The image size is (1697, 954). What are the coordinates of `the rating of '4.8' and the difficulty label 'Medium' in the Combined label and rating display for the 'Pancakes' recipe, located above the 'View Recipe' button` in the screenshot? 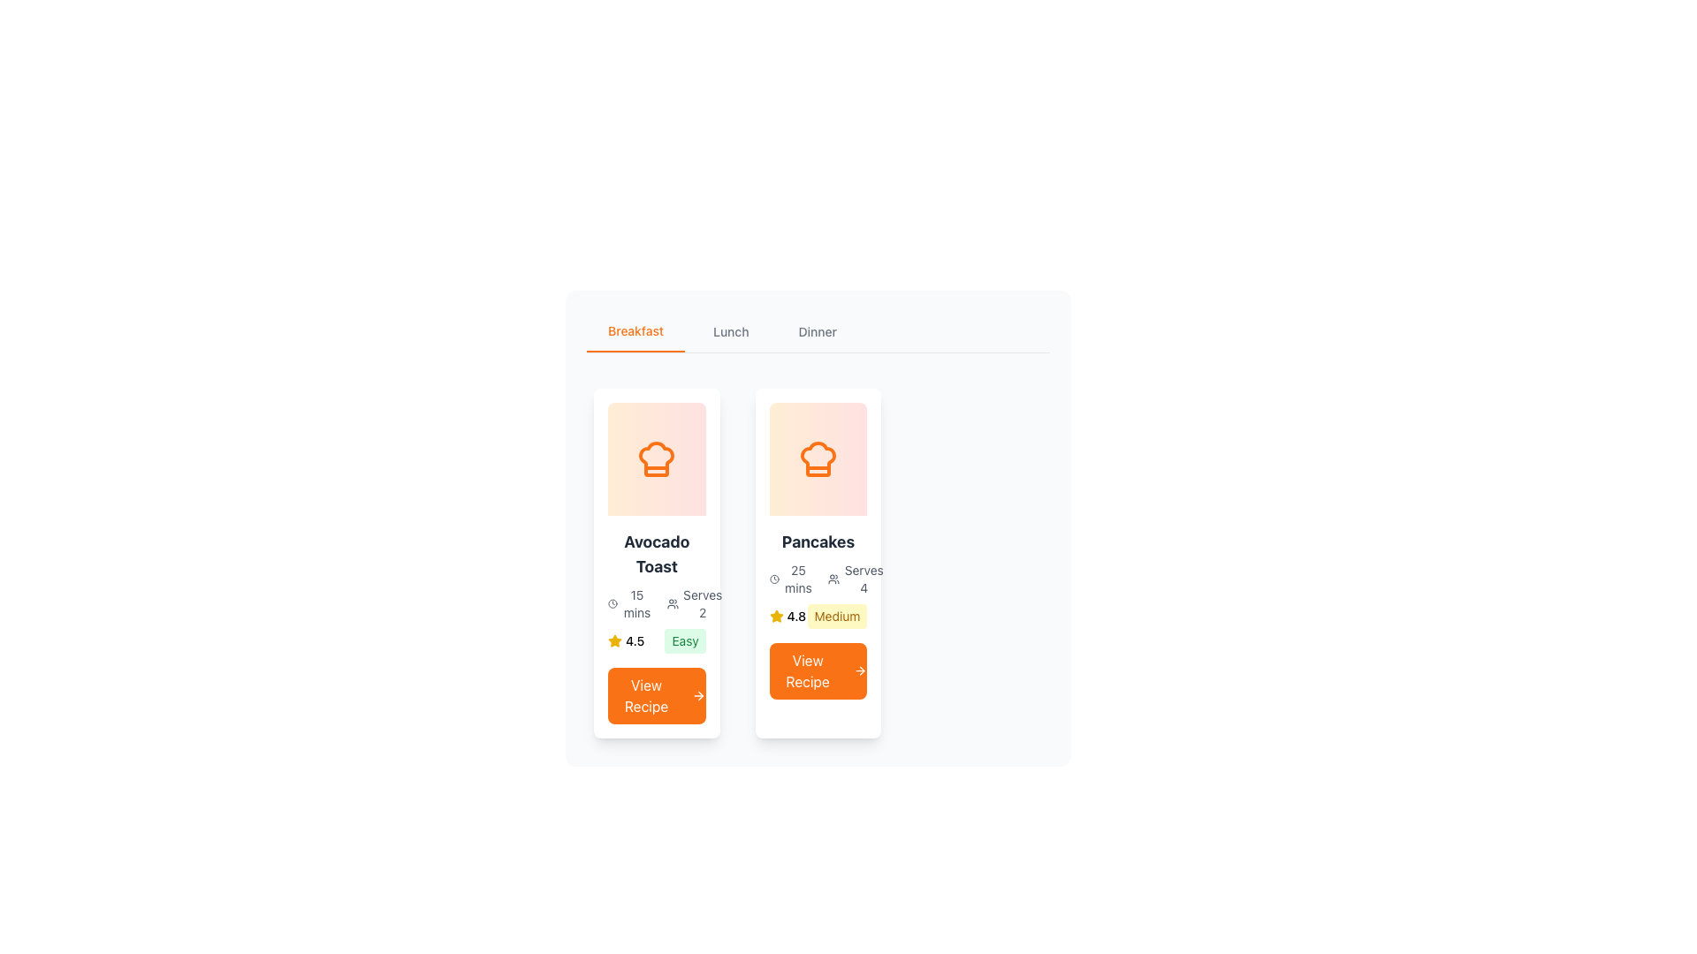 It's located at (818, 616).